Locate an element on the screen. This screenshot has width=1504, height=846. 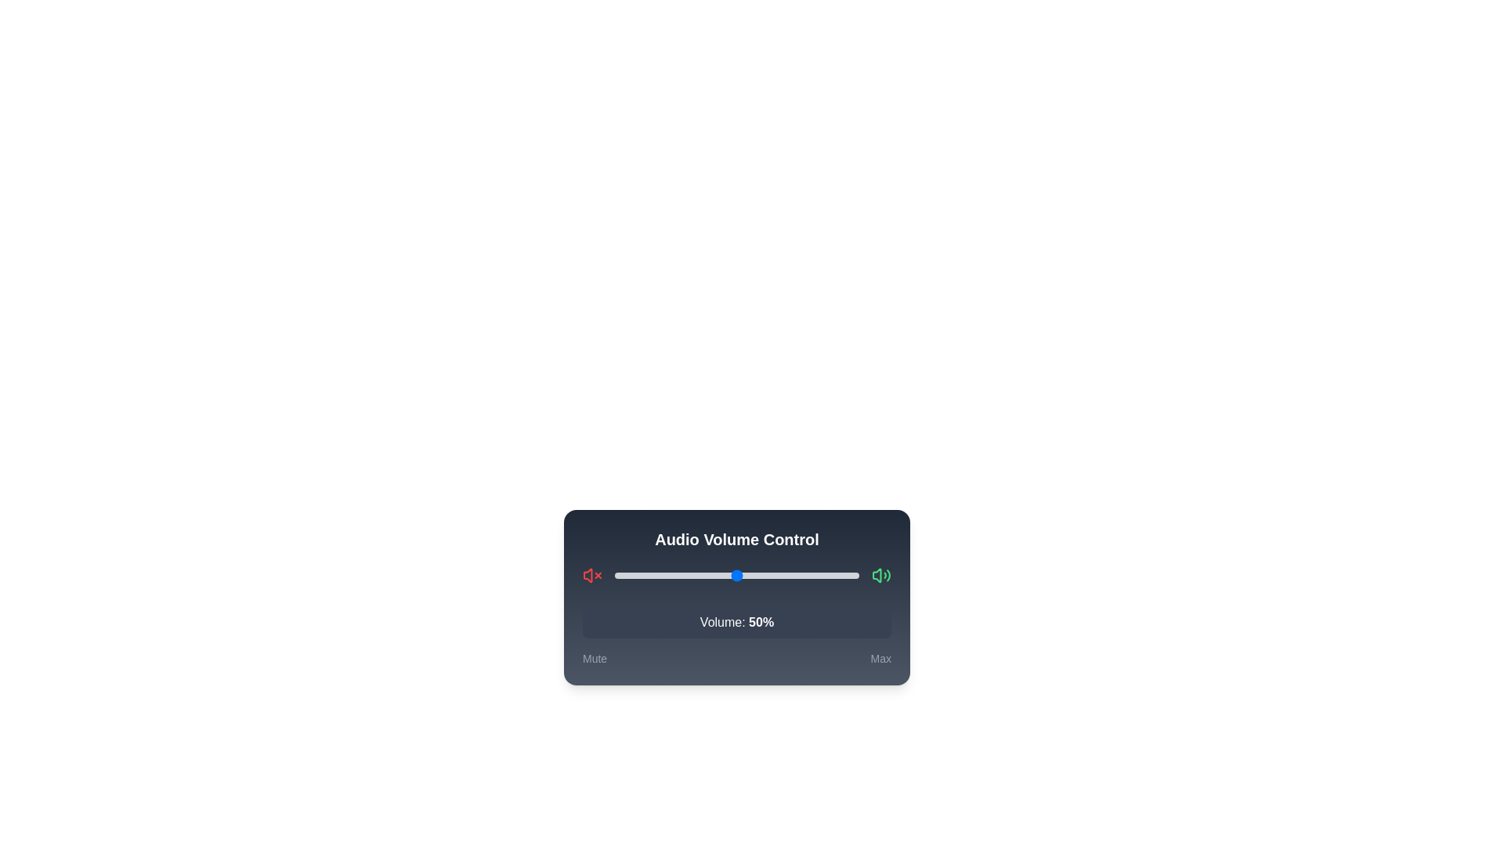
the slider to set the volume to 67% is located at coordinates (778, 576).